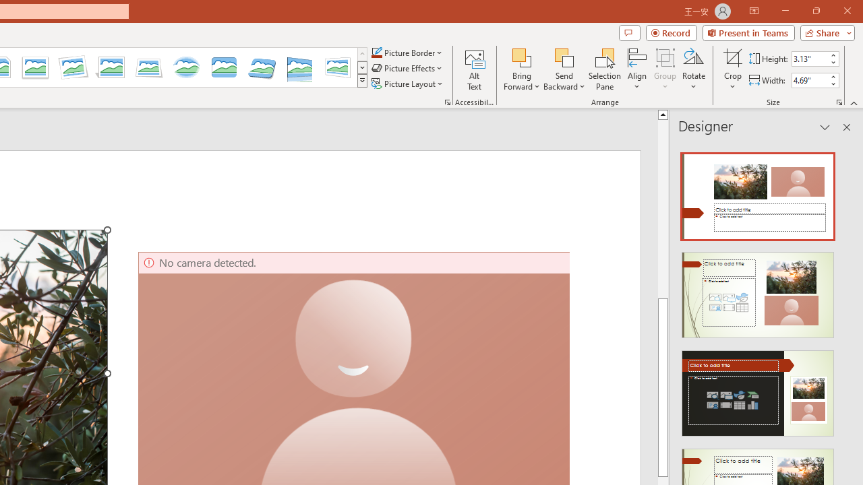  I want to click on 'Picture Effects', so click(407, 68).